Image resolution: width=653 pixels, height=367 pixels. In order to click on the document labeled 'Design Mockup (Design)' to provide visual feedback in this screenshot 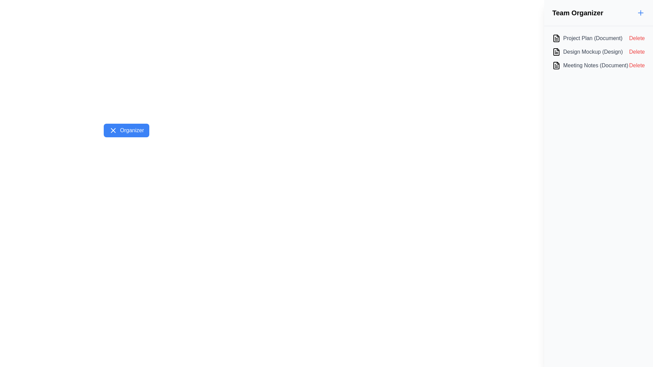, I will do `click(599, 52)`.